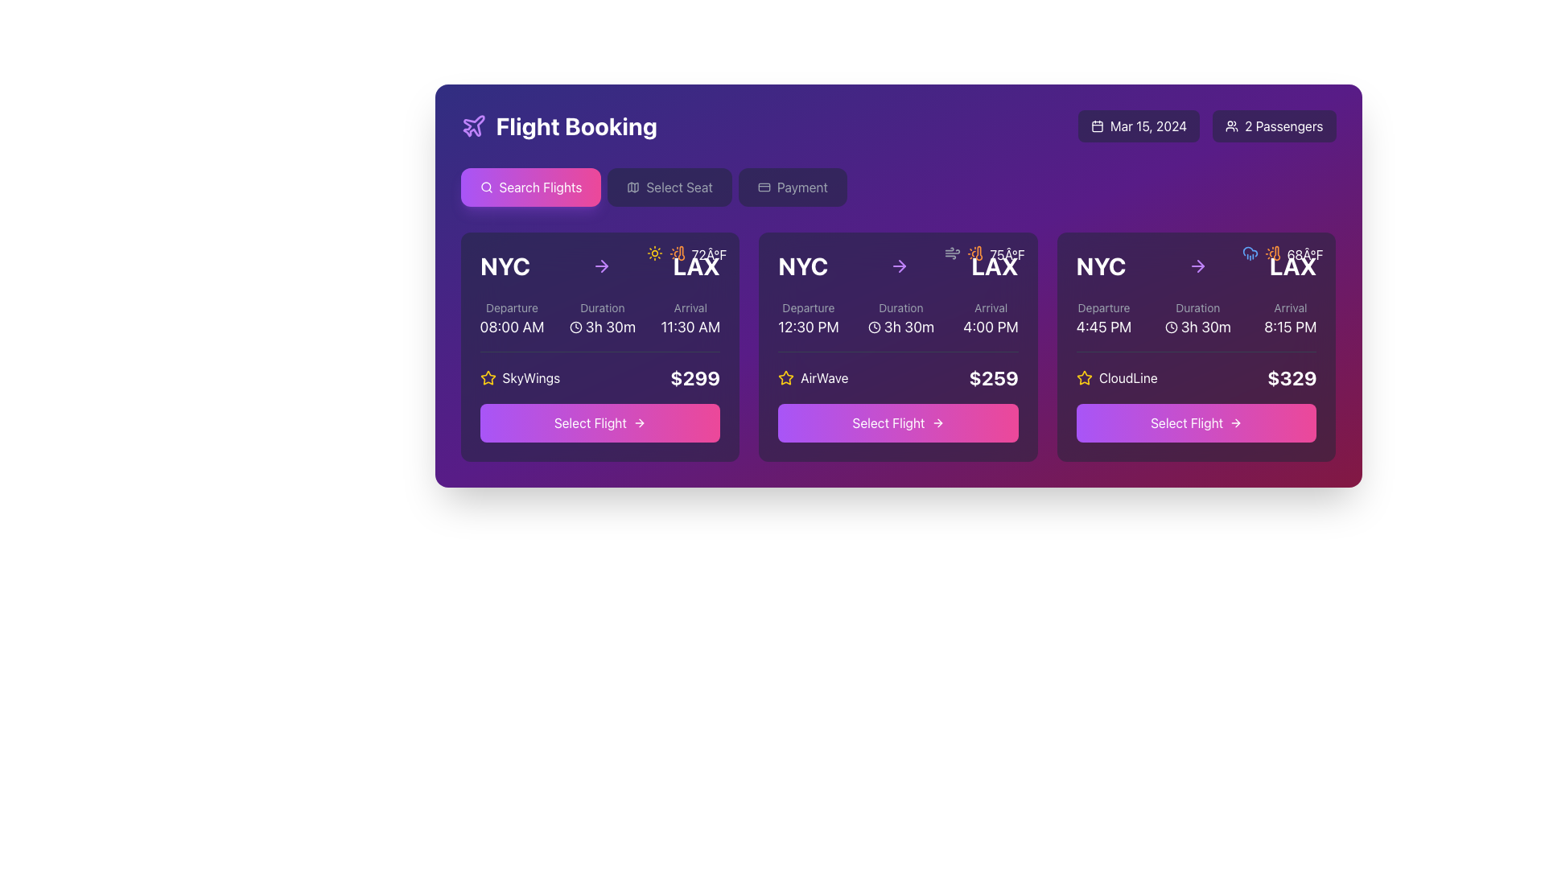  Describe the element at coordinates (487, 378) in the screenshot. I see `the yellow outlined star icon with a hollow center, which is located to the left of the 'SkyWings' text in the first flight tile` at that location.